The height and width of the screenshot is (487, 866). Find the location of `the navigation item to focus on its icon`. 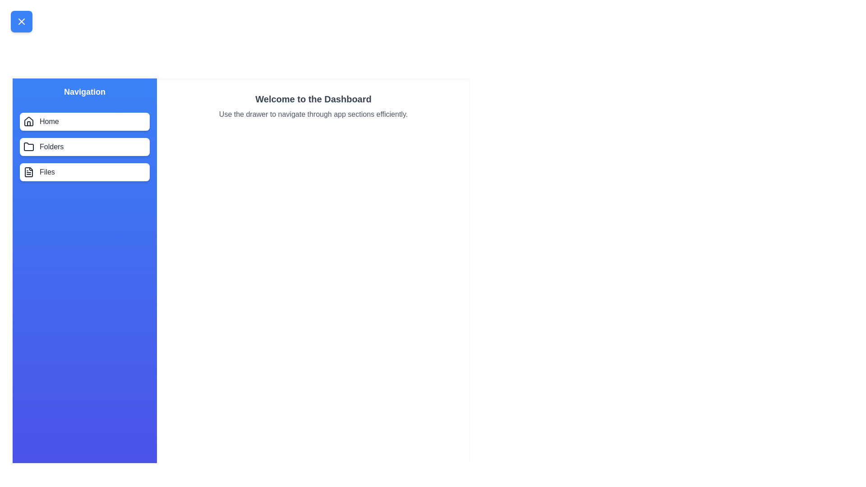

the navigation item to focus on its icon is located at coordinates (28, 122).